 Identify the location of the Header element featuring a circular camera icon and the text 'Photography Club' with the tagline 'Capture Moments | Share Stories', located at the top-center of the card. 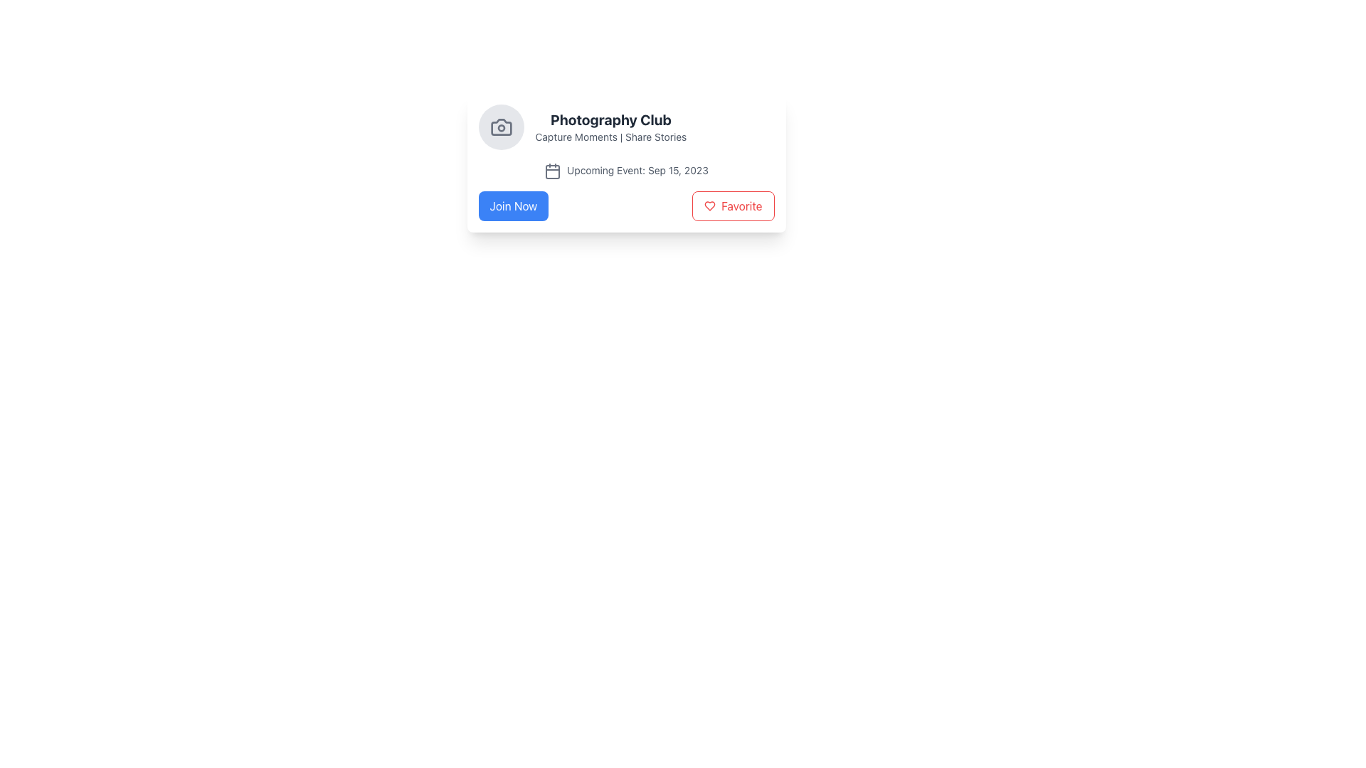
(626, 126).